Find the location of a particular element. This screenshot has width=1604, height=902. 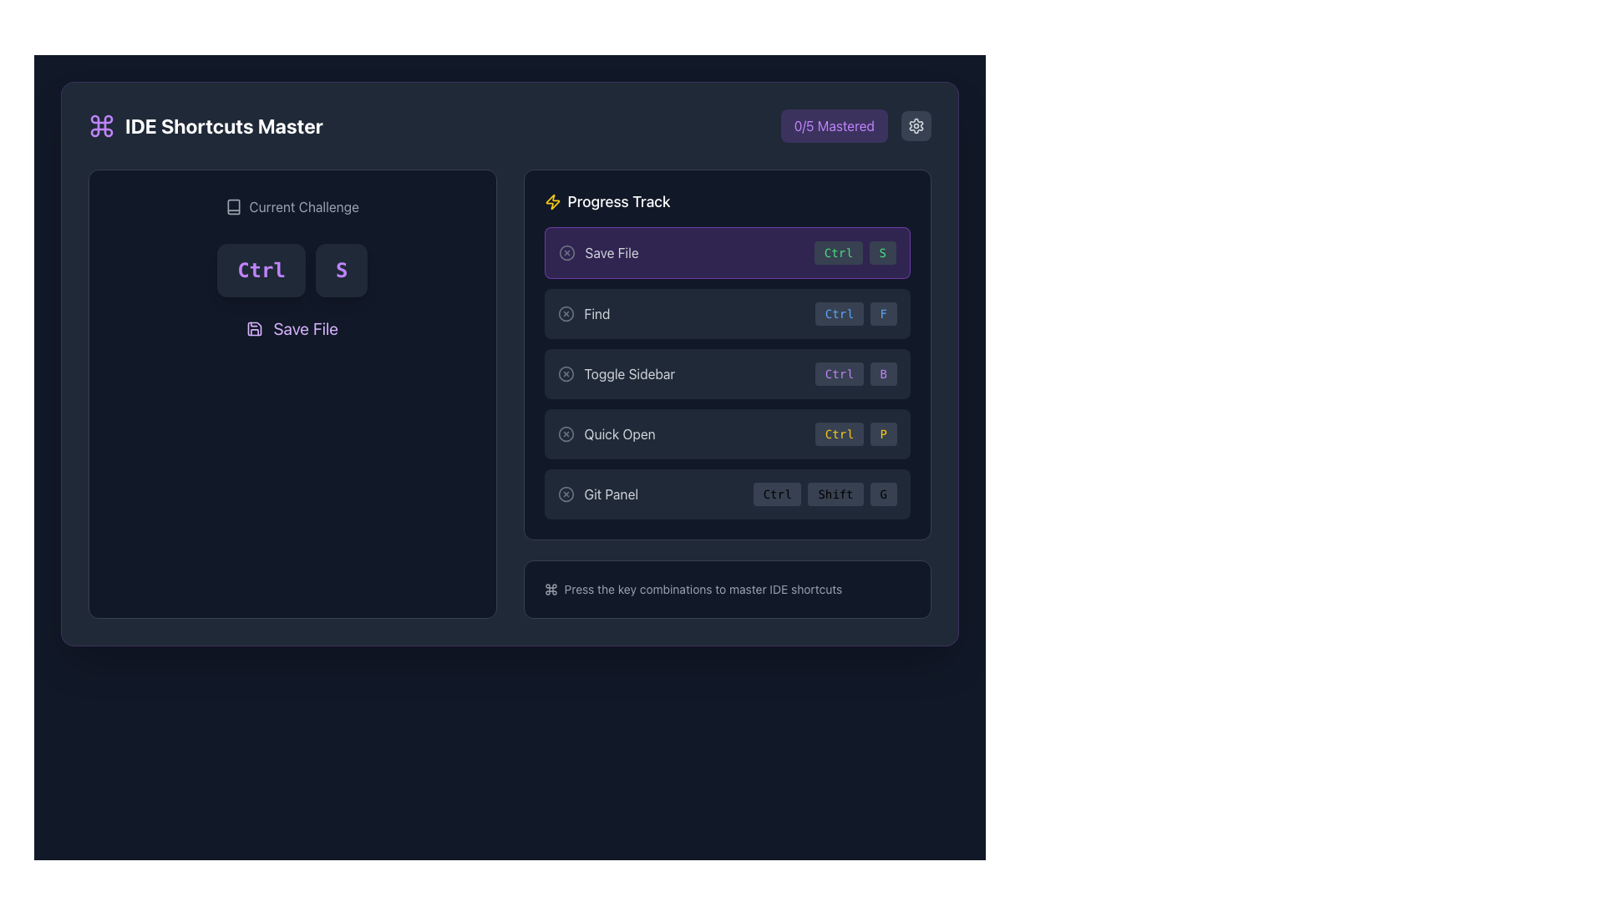

the static text label in the 'Progress Track' section that serves as an identifier for a functionality related is located at coordinates (619, 433).